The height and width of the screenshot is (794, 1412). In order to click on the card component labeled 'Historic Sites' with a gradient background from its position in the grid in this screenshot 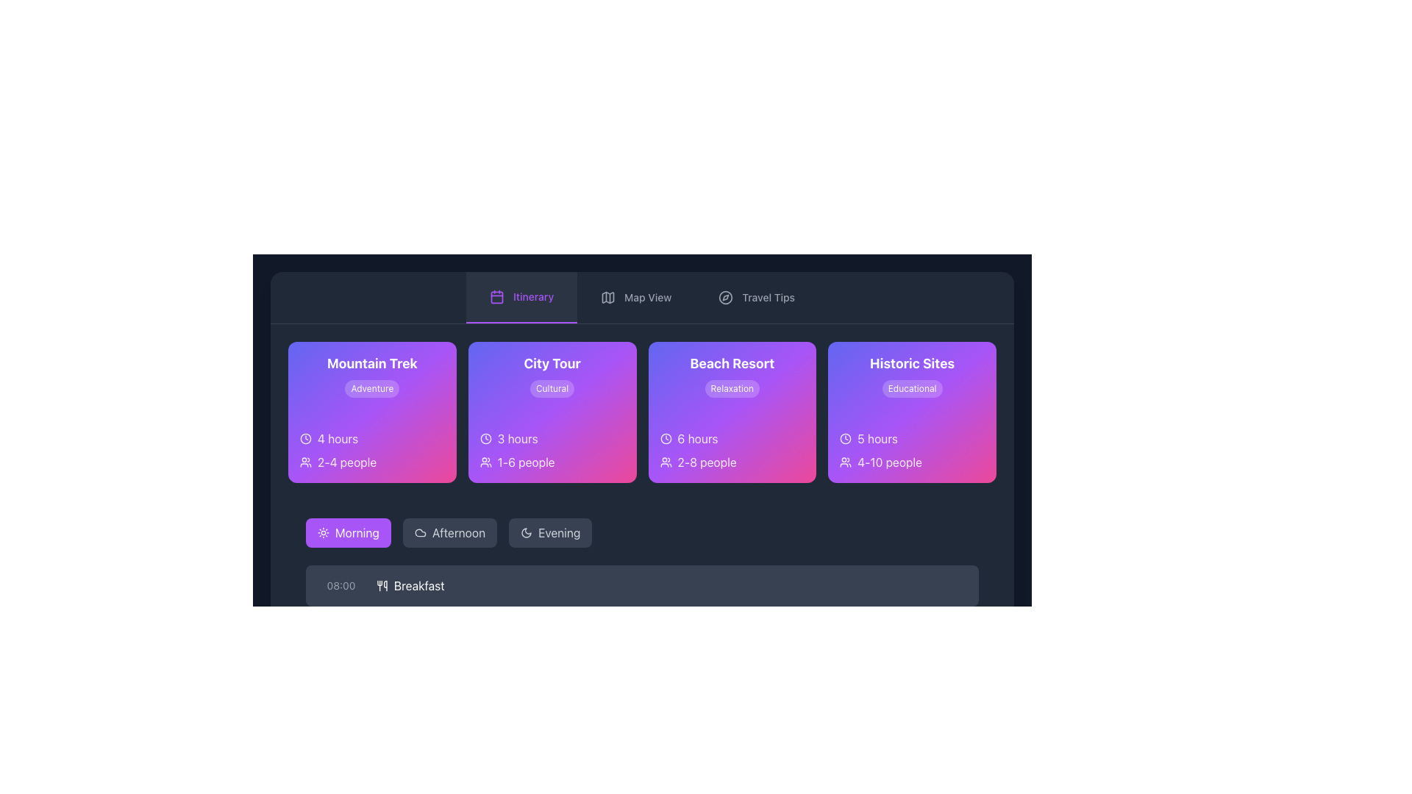, I will do `click(911, 412)`.